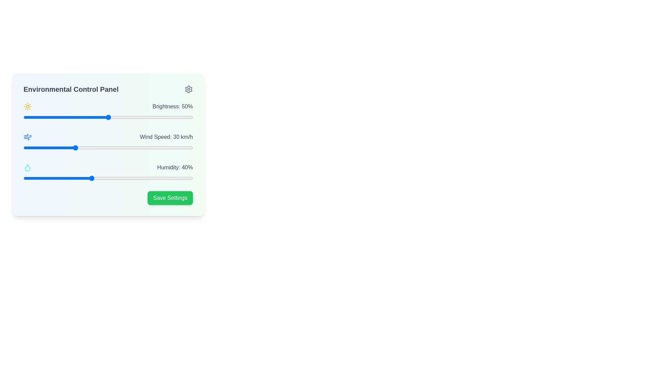  I want to click on the brightness icon located on the left side of the brightness control bar, adjacent to the label 'Brightness: 50%', so click(28, 107).